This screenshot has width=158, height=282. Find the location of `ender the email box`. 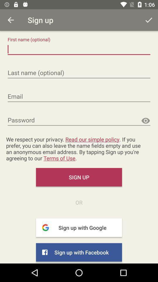

ender the email box is located at coordinates (79, 97).